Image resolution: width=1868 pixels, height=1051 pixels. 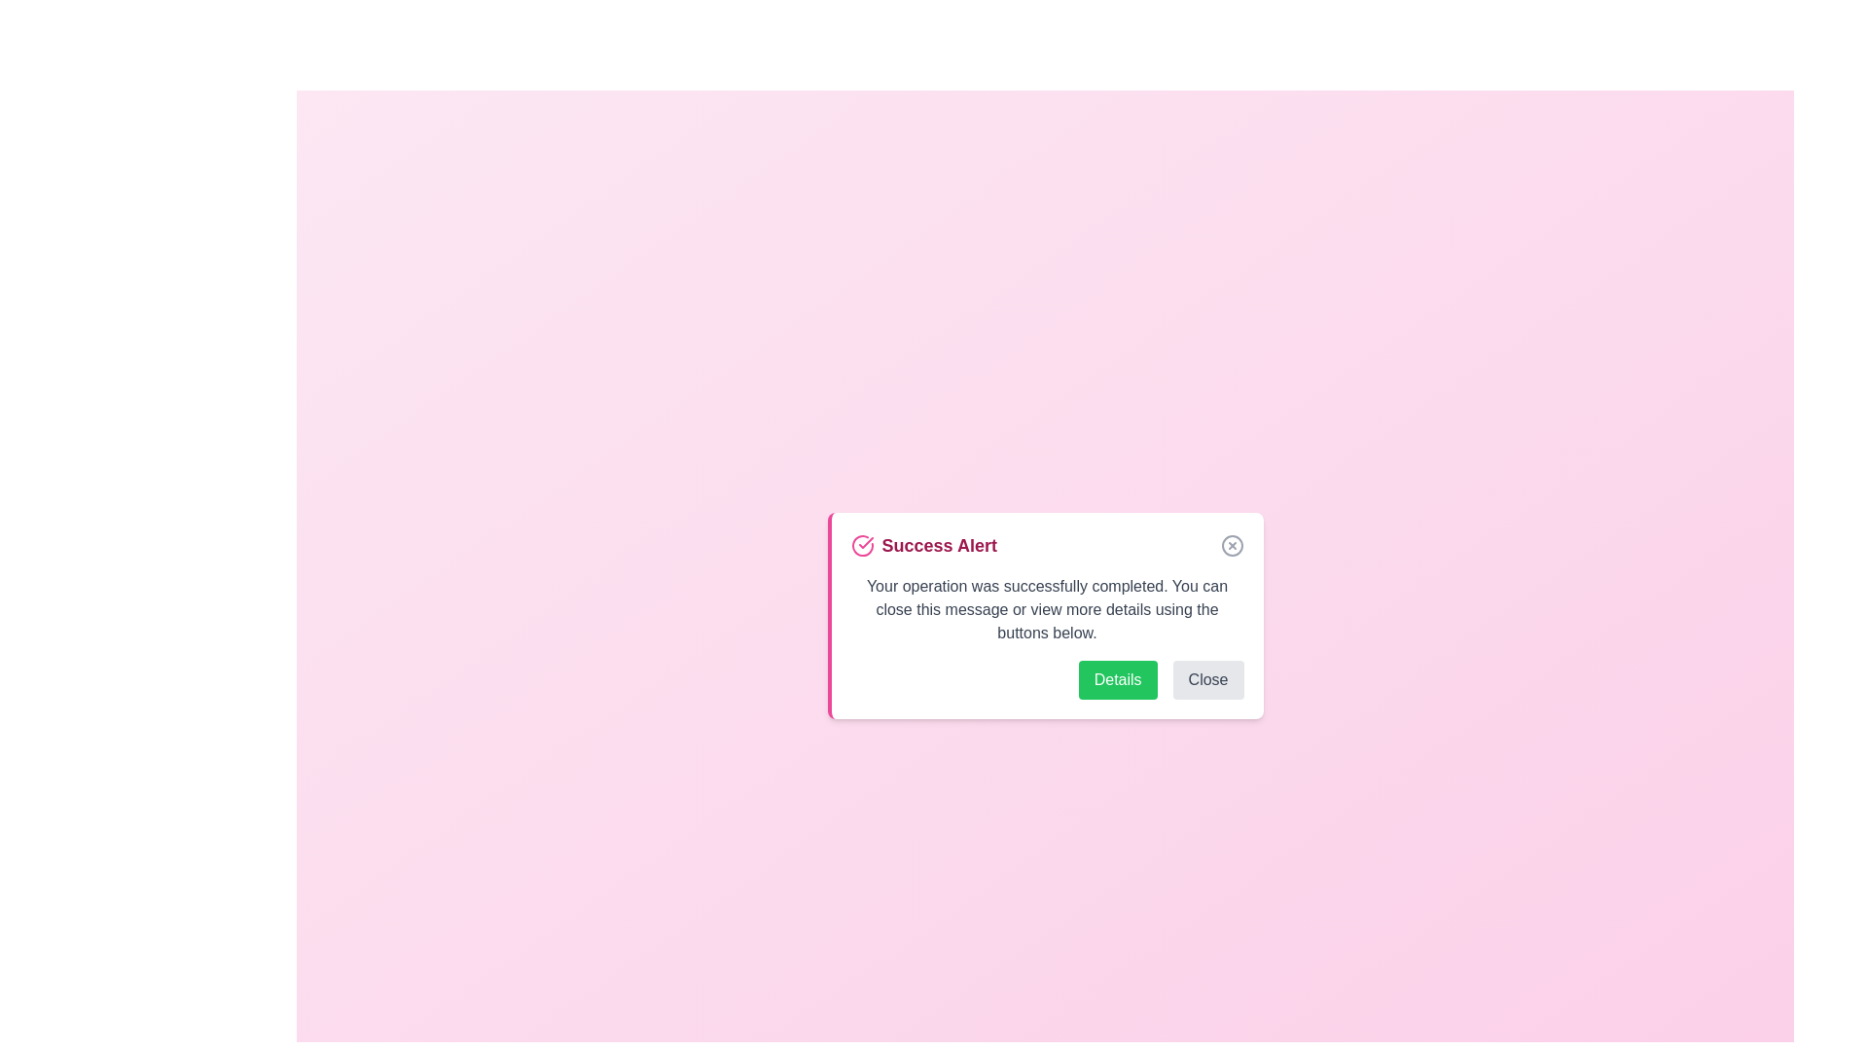 What do you see at coordinates (1231, 545) in the screenshot?
I see `the close button to dismiss the alert` at bounding box center [1231, 545].